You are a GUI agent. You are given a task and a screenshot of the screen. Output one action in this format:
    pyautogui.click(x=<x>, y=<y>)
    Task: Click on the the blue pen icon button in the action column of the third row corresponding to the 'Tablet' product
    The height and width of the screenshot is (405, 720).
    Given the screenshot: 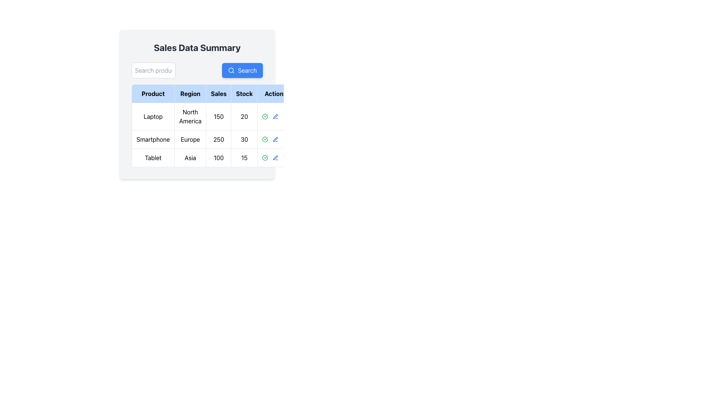 What is the action you would take?
    pyautogui.click(x=275, y=117)
    